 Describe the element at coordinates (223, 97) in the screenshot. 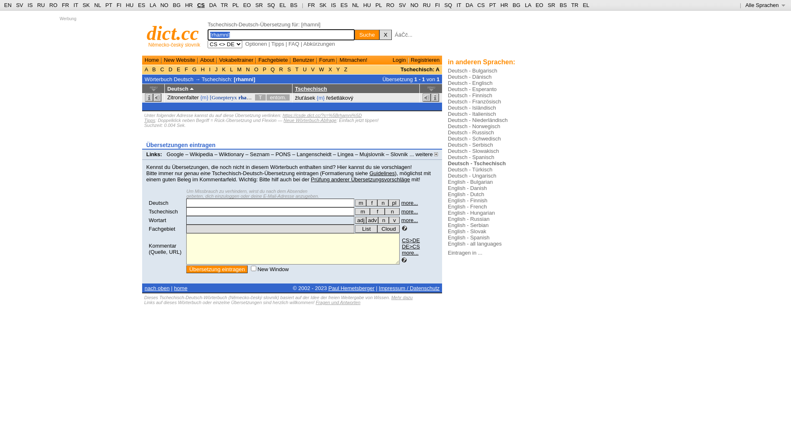

I see `'[Gonepteryx'` at that location.